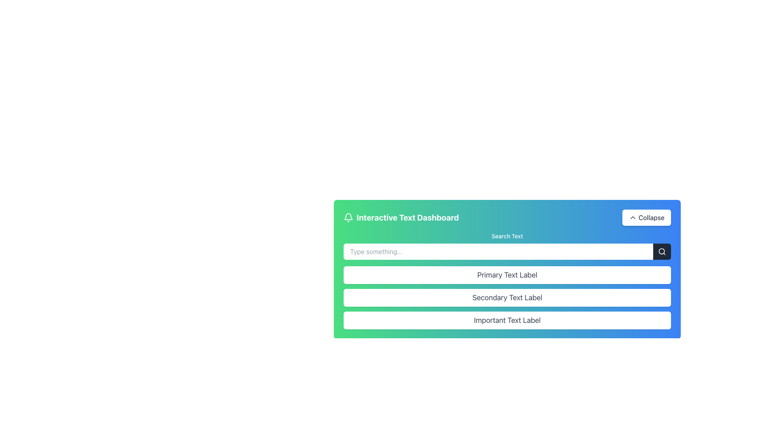  What do you see at coordinates (662, 251) in the screenshot?
I see `the SVG Circle within the magnifying glass icon, which indicates the search functionality of the input field` at bounding box center [662, 251].